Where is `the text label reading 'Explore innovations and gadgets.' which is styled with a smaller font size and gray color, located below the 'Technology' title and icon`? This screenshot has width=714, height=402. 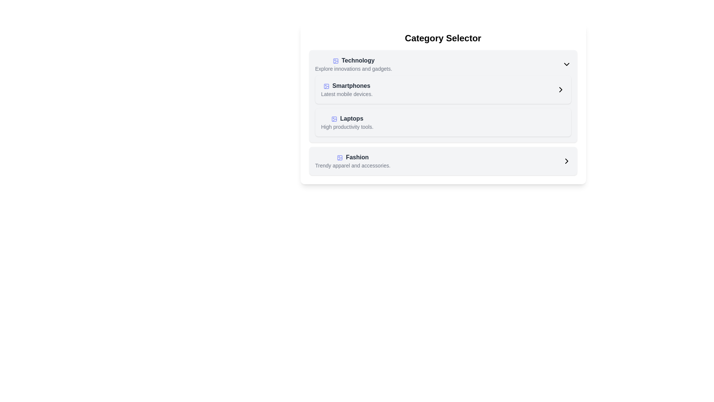
the text label reading 'Explore innovations and gadgets.' which is styled with a smaller font size and gray color, located below the 'Technology' title and icon is located at coordinates (353, 69).